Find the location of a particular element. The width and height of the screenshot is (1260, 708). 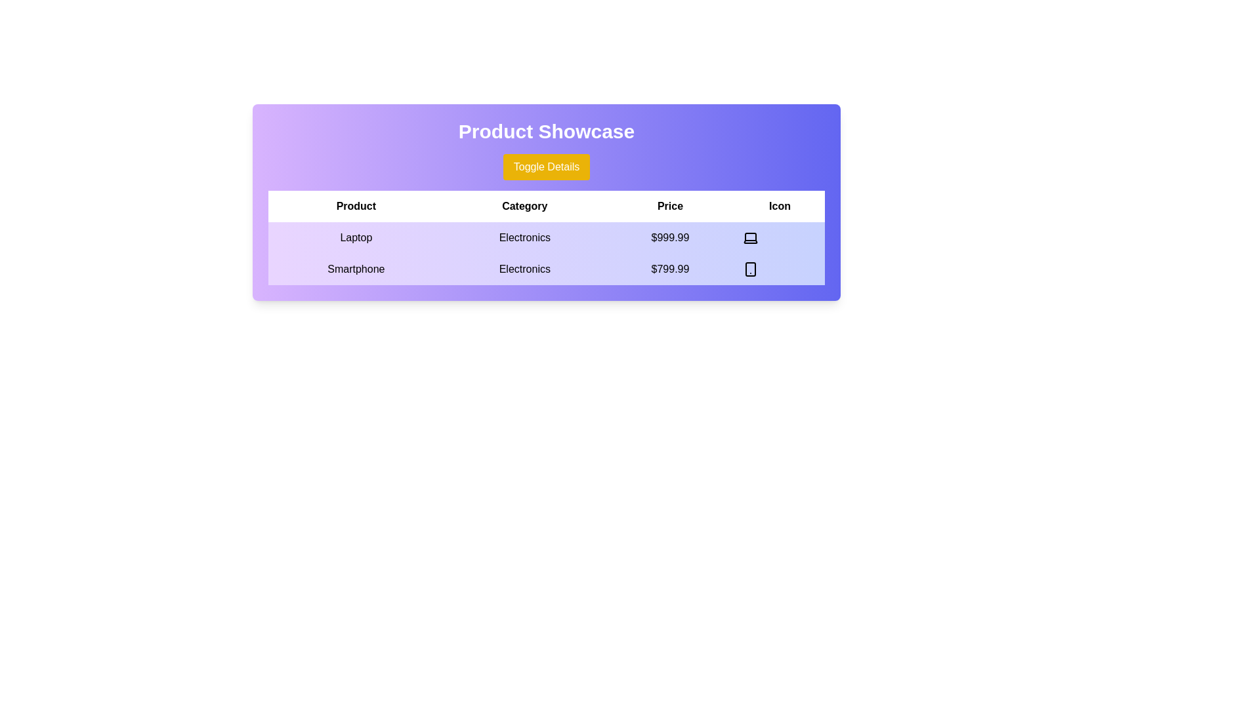

the header label for the product information column, which is the first text label in a row of four within a white header bar at the top of the interface is located at coordinates (356, 206).